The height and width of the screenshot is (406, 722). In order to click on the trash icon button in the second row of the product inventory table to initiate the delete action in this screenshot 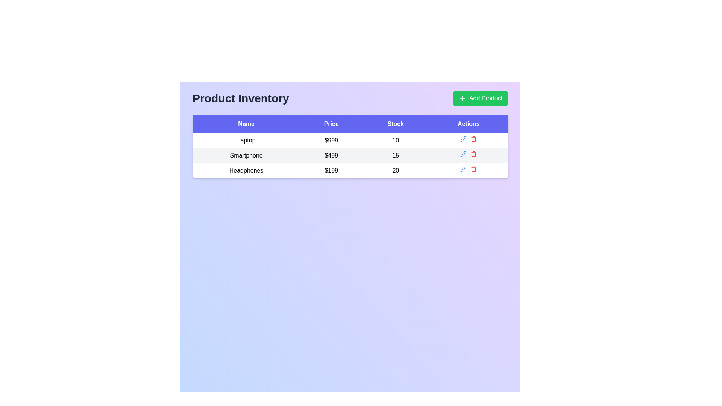, I will do `click(473, 153)`.